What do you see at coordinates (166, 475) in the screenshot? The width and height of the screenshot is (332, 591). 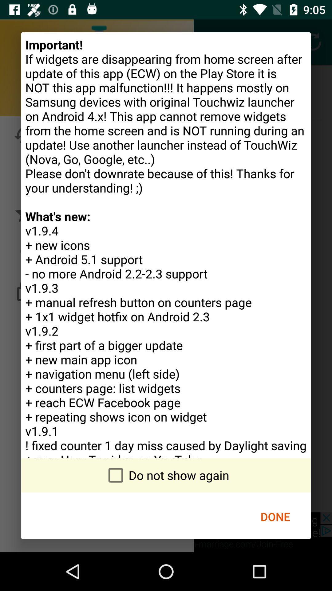 I see `the do not show` at bounding box center [166, 475].